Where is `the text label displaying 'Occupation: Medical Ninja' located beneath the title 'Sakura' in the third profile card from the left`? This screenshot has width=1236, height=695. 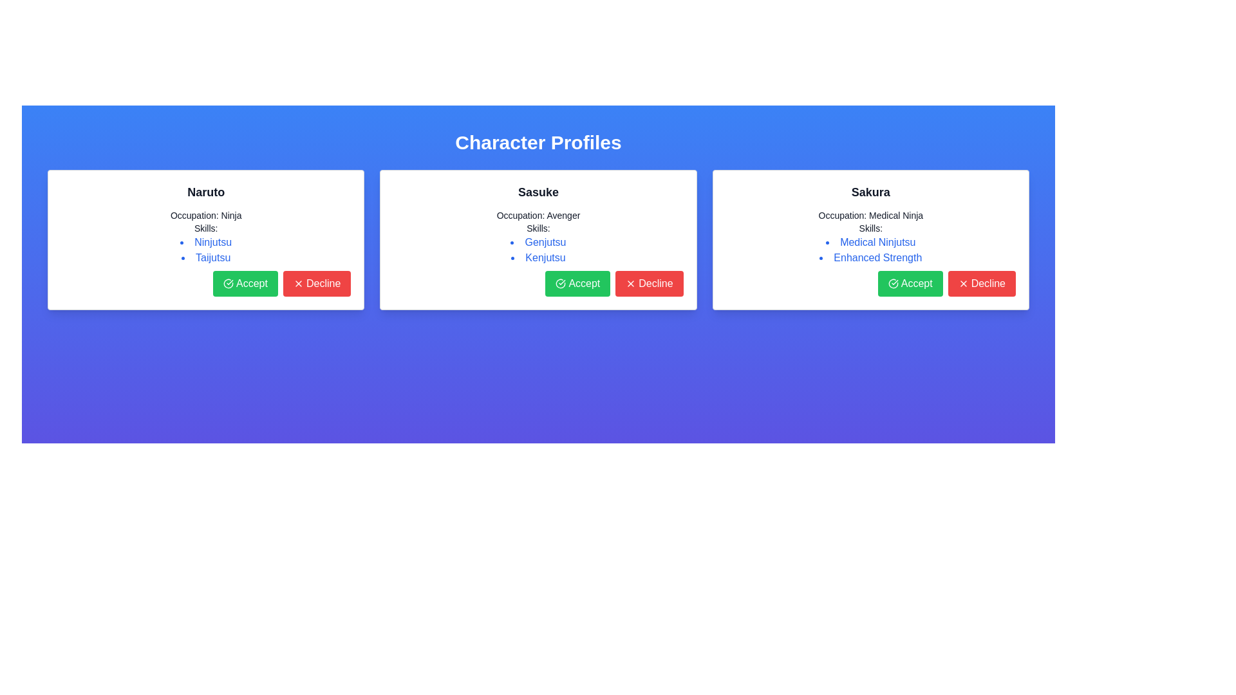 the text label displaying 'Occupation: Medical Ninja' located beneath the title 'Sakura' in the third profile card from the left is located at coordinates (870, 215).